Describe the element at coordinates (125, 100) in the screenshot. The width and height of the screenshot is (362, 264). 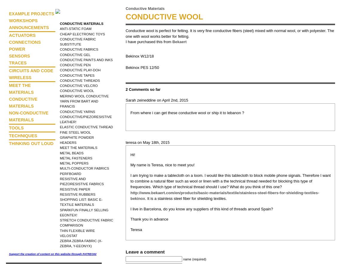
I see `'Sarah zeineddine on
        April 2nd, 2015'` at that location.